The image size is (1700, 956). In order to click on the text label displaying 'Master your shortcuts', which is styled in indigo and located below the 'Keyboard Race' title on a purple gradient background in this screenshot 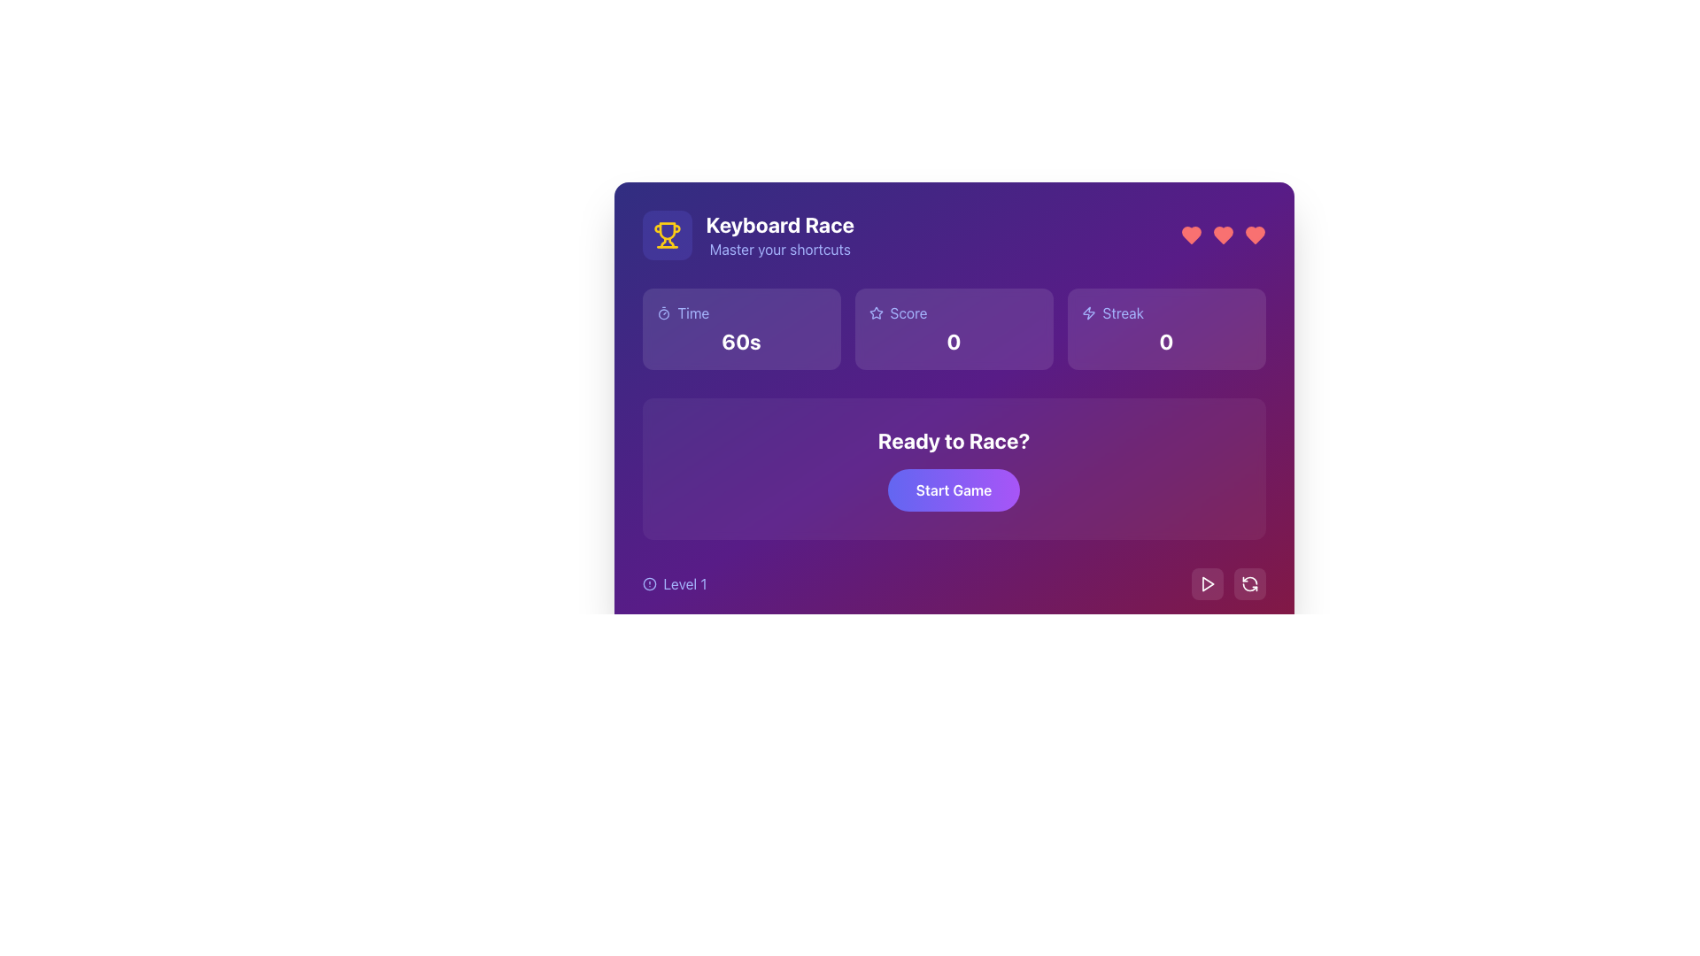, I will do `click(779, 249)`.